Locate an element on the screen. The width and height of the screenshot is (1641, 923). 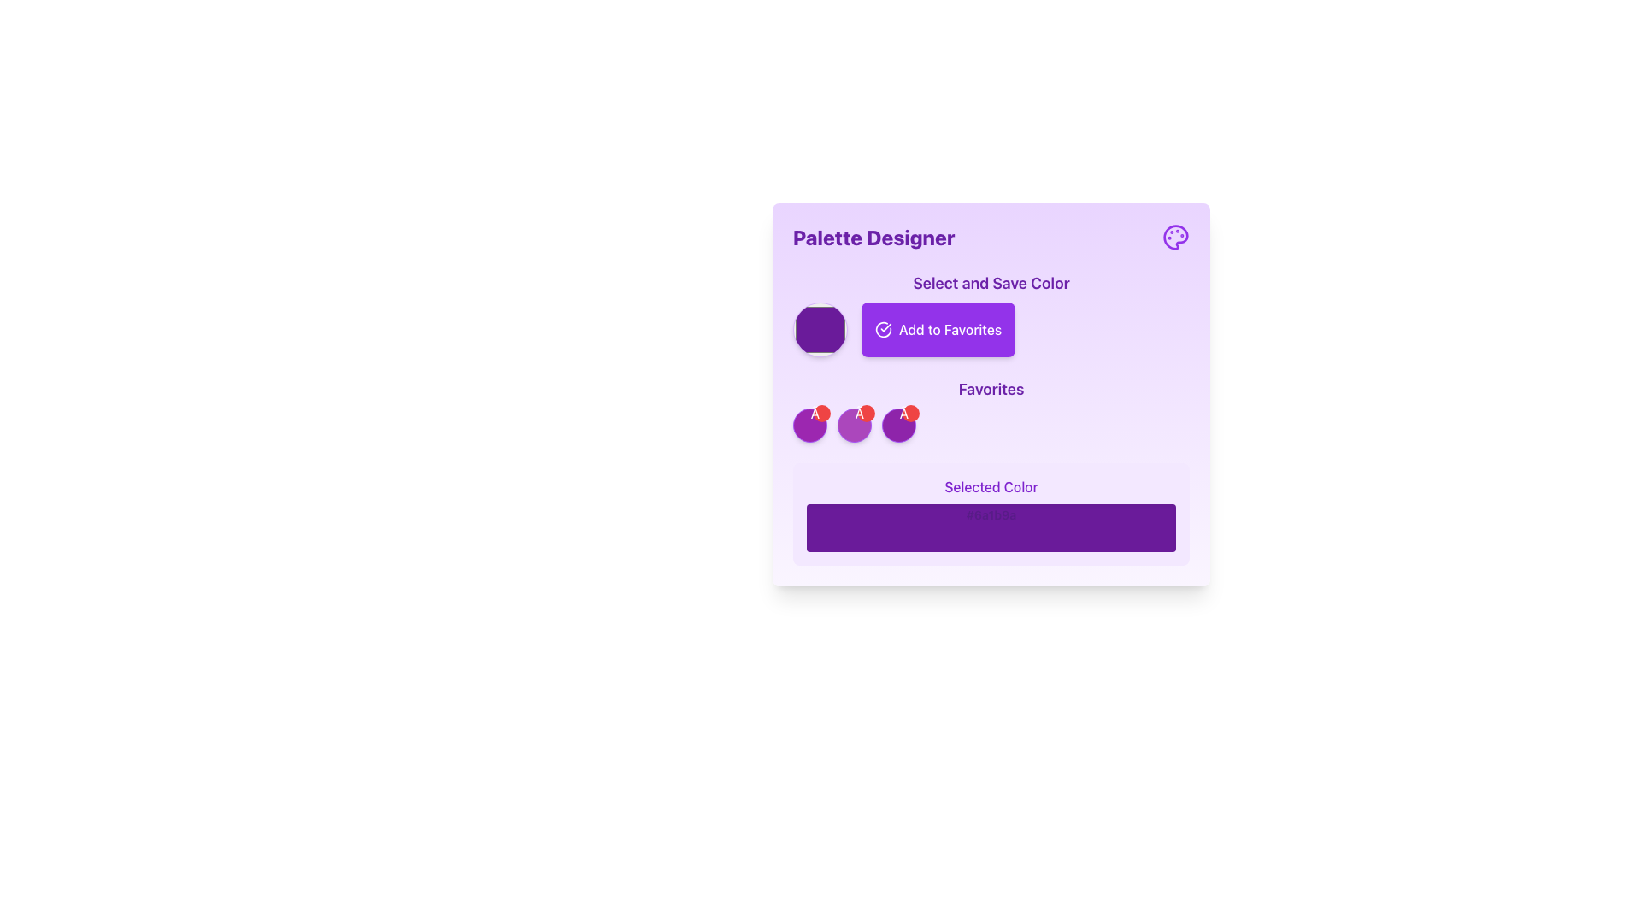
the purple 'Add to Favorites' button with rounded corners located in the 'Select and Save Color' section is located at coordinates (991, 356).